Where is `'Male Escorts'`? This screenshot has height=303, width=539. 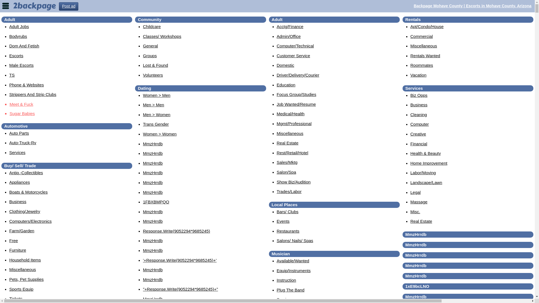
'Male Escorts' is located at coordinates (21, 65).